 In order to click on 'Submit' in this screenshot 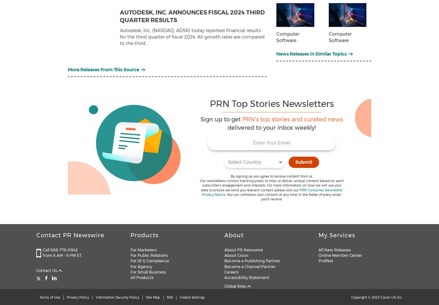, I will do `click(295, 162)`.